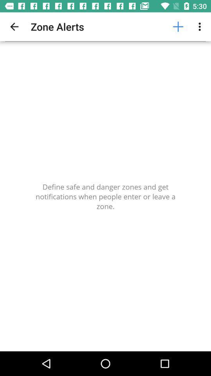 The image size is (211, 376). I want to click on the item next to the zone alerts item, so click(178, 27).